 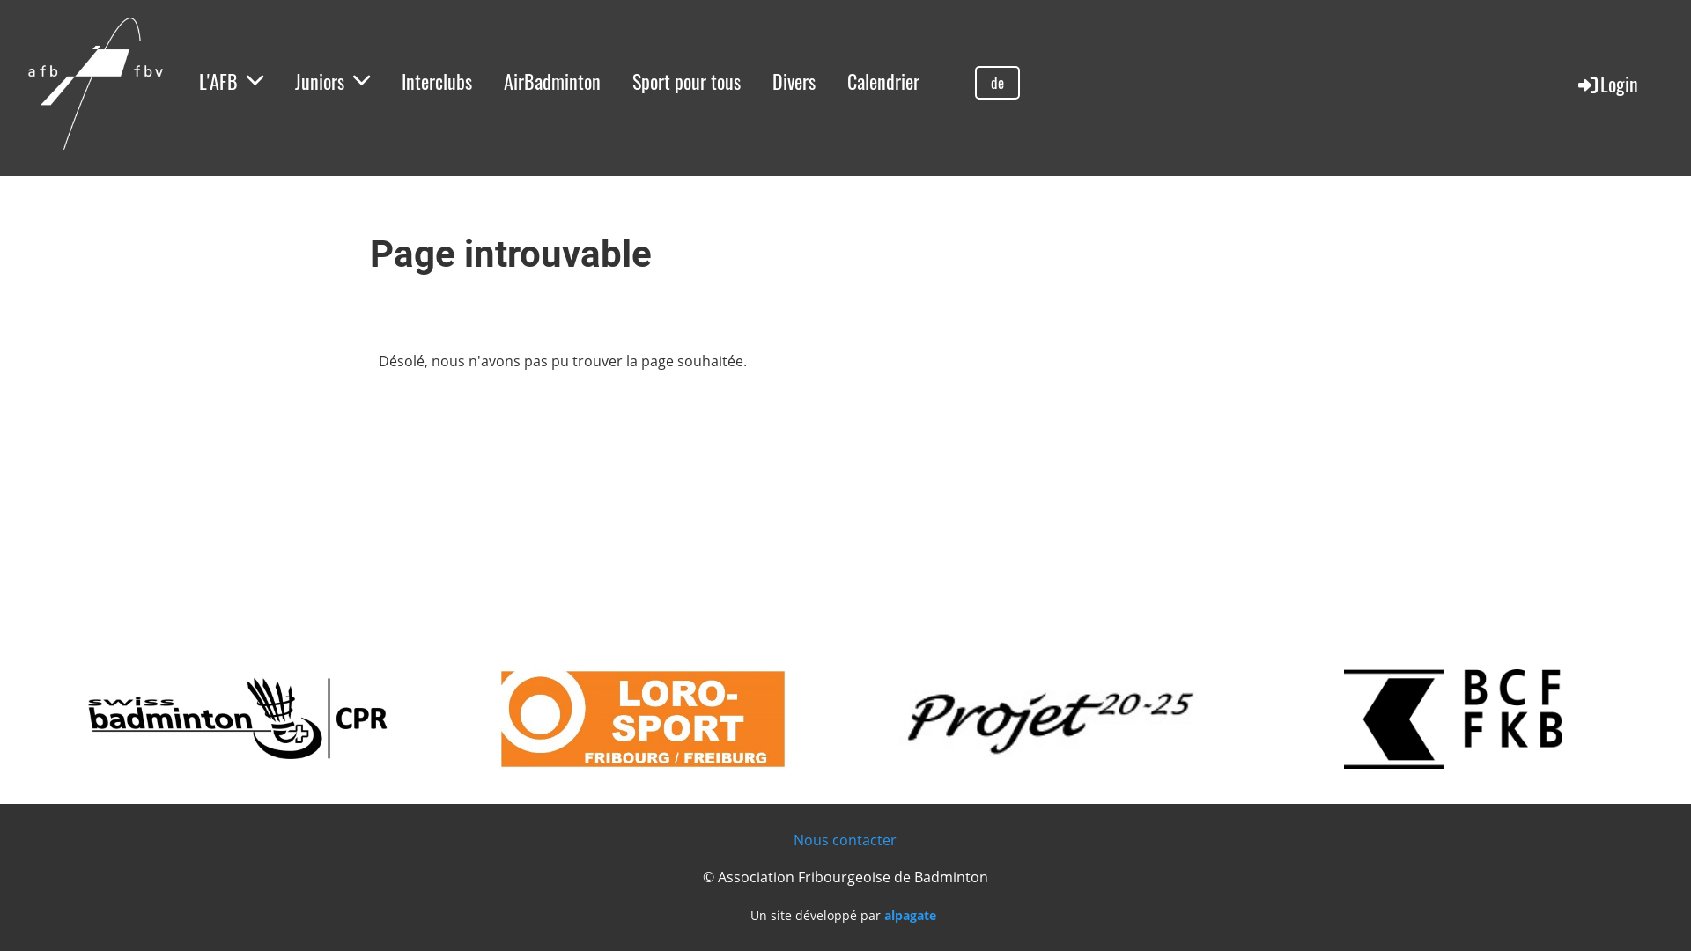 I want to click on 'Calendrier', so click(x=883, y=81).